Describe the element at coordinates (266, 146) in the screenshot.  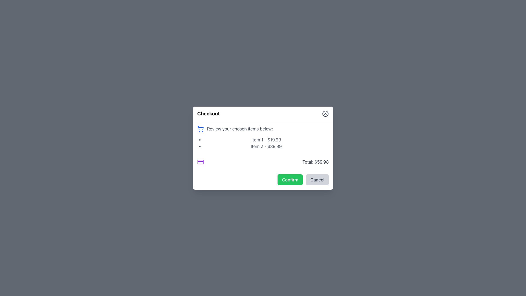
I see `the static text element displaying 'Item 2 - $39.99' in the modal dialog labeled 'Checkout', which is part of the review section of chosen items` at that location.